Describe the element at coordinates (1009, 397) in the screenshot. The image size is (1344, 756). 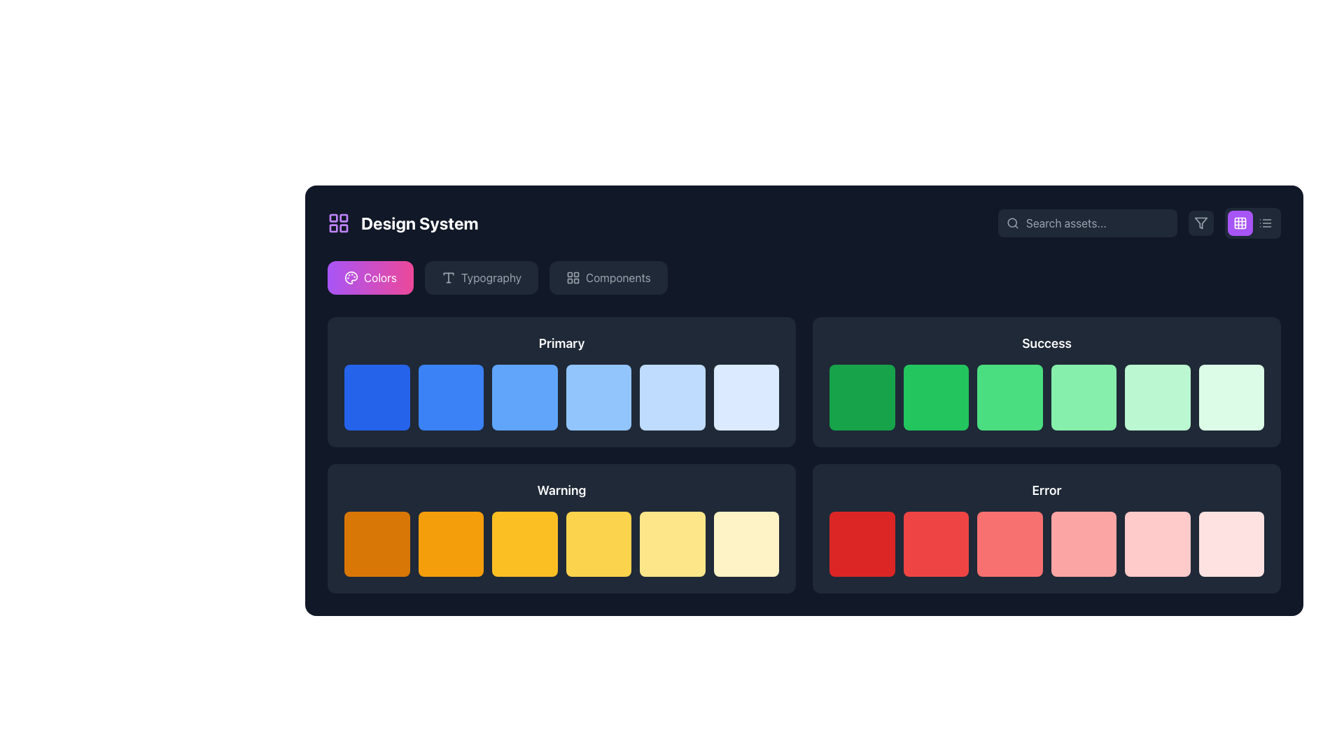
I see `the fourth selectable square button with a green background located in the 'Success' section of the grid layout` at that location.